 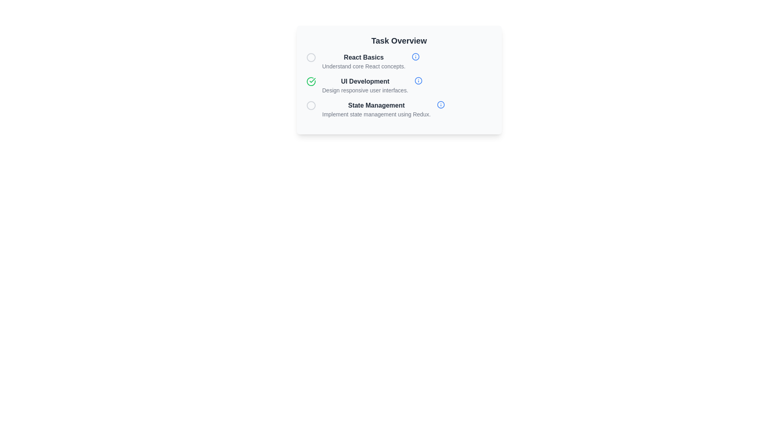 I want to click on the blue circular information icon located to the right of the title 'React Basics' in the Information panel, so click(x=399, y=61).